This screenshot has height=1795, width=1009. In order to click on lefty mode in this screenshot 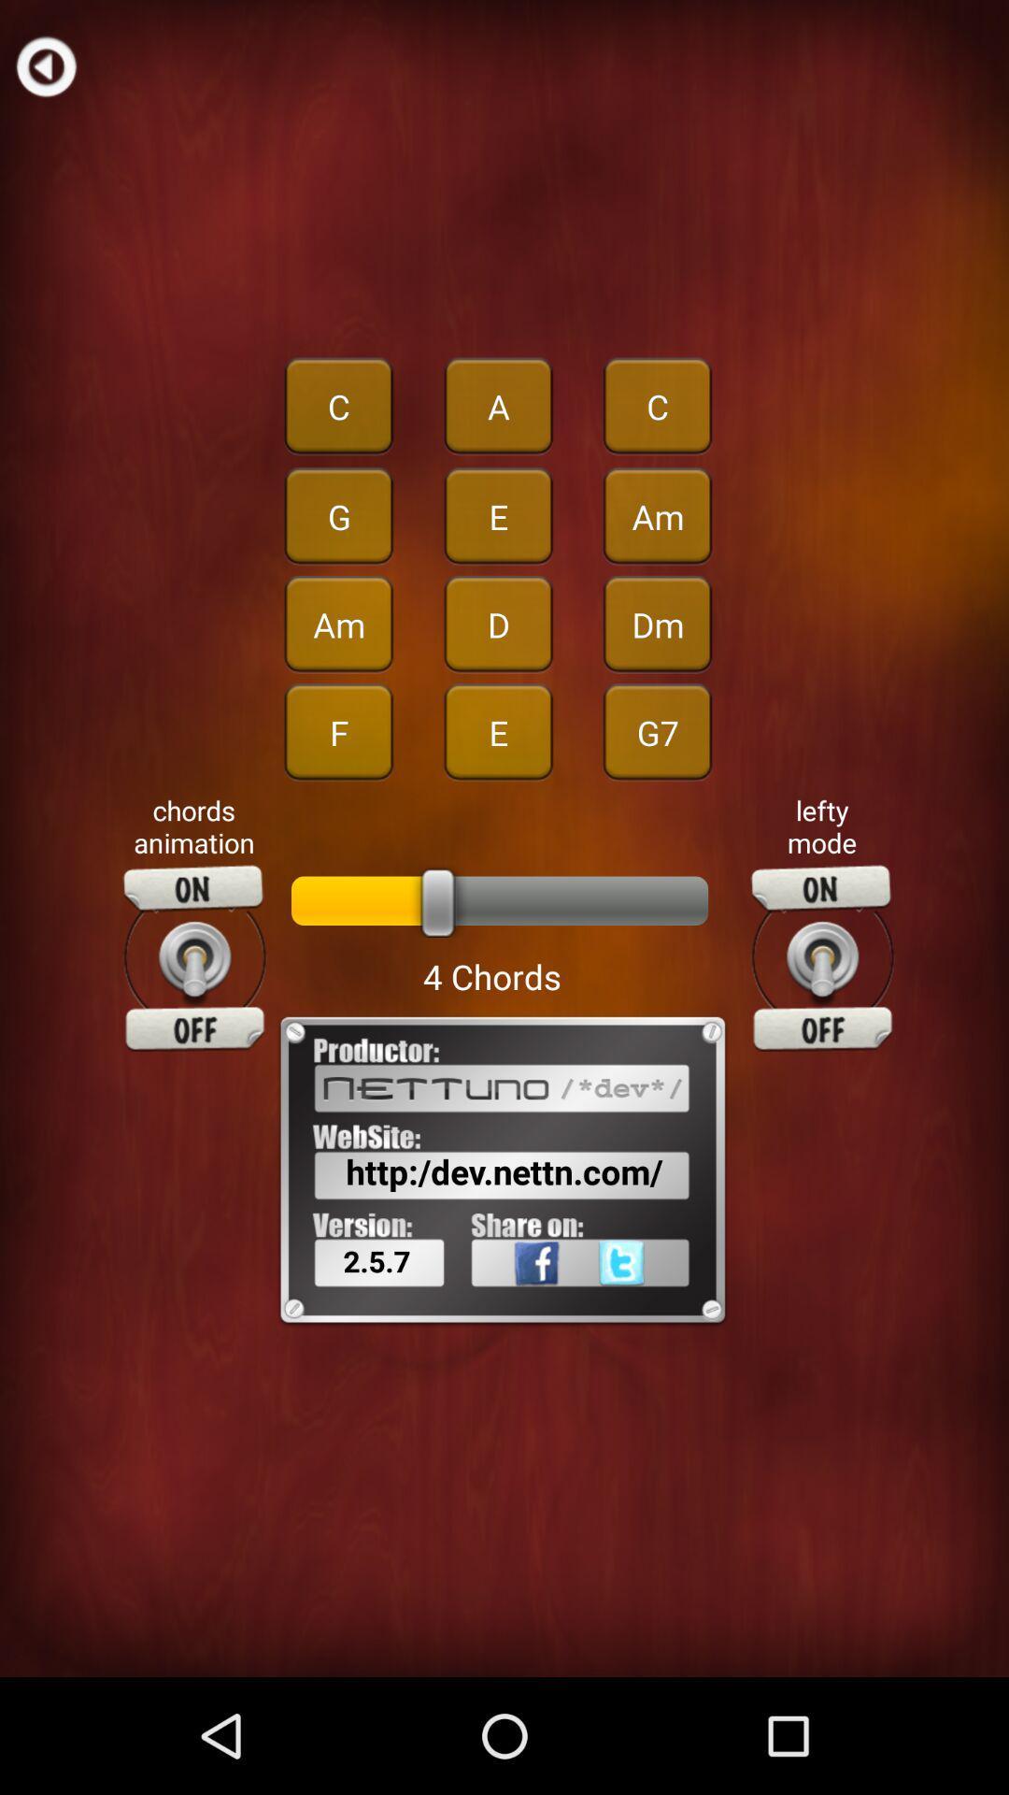, I will do `click(821, 958)`.